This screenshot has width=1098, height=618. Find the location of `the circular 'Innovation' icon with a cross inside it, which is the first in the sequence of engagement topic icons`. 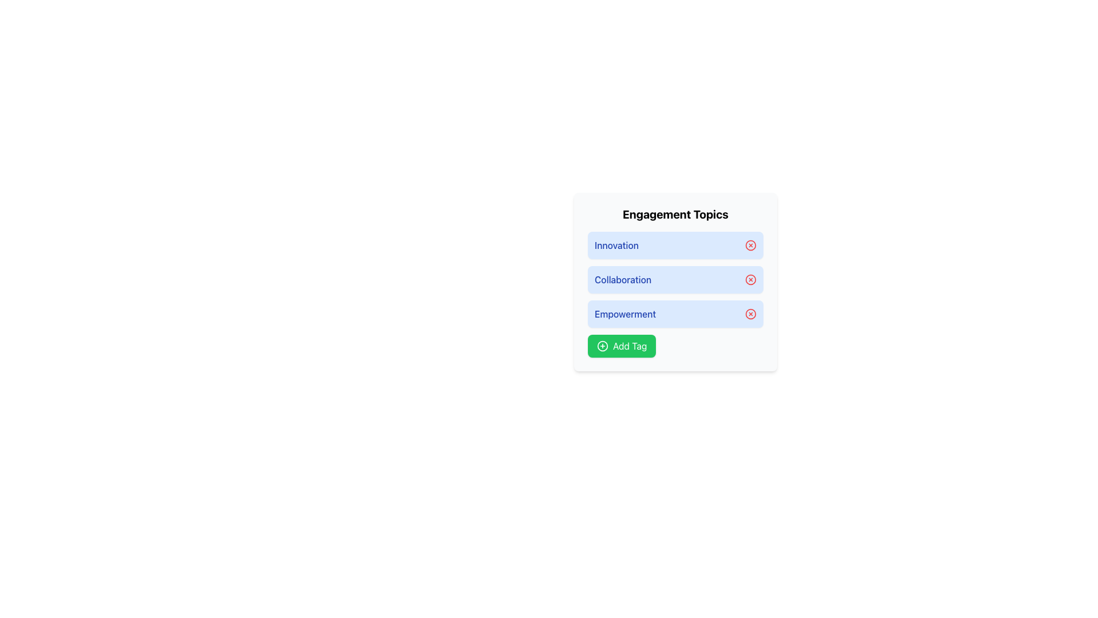

the circular 'Innovation' icon with a cross inside it, which is the first in the sequence of engagement topic icons is located at coordinates (751, 244).